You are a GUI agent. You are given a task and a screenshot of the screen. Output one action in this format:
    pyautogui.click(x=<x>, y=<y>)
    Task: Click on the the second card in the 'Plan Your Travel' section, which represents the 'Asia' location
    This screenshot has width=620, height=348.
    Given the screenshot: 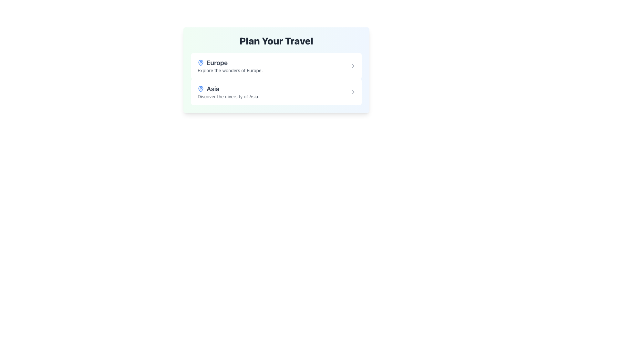 What is the action you would take?
    pyautogui.click(x=276, y=92)
    